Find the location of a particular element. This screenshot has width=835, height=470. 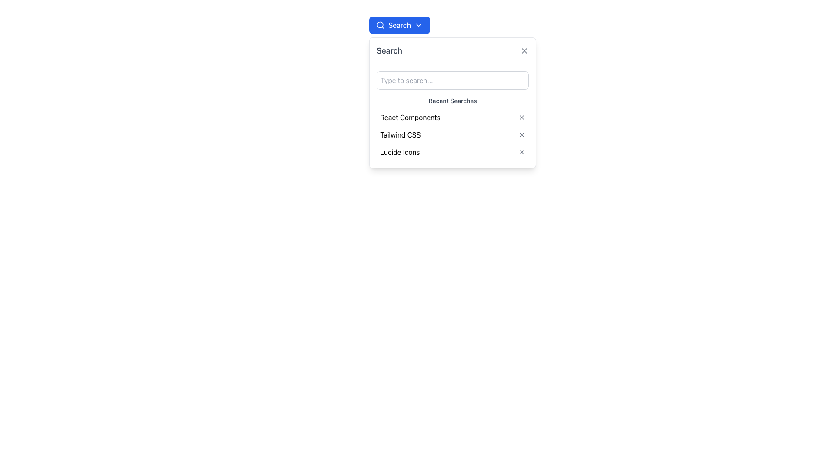

the circular lens icon, which represents a magnifying glass, located within the blue 'Search' button in the top-left area of the interface is located at coordinates (381, 24).